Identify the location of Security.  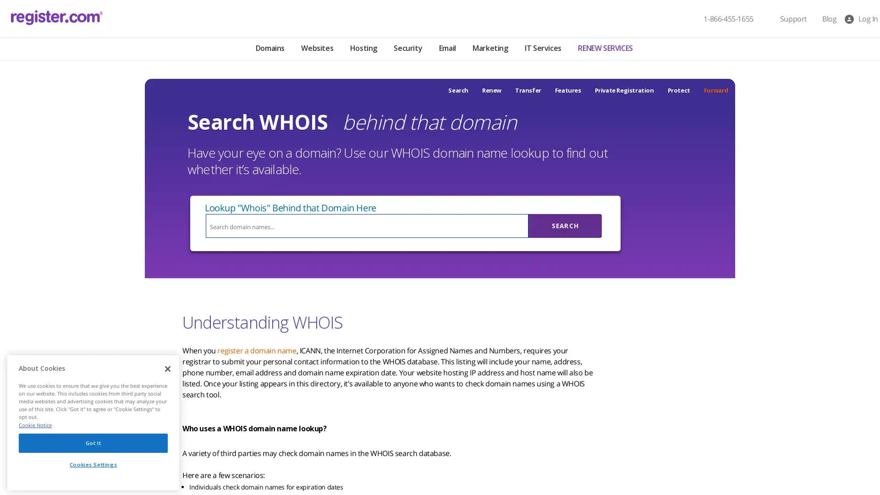
(407, 49).